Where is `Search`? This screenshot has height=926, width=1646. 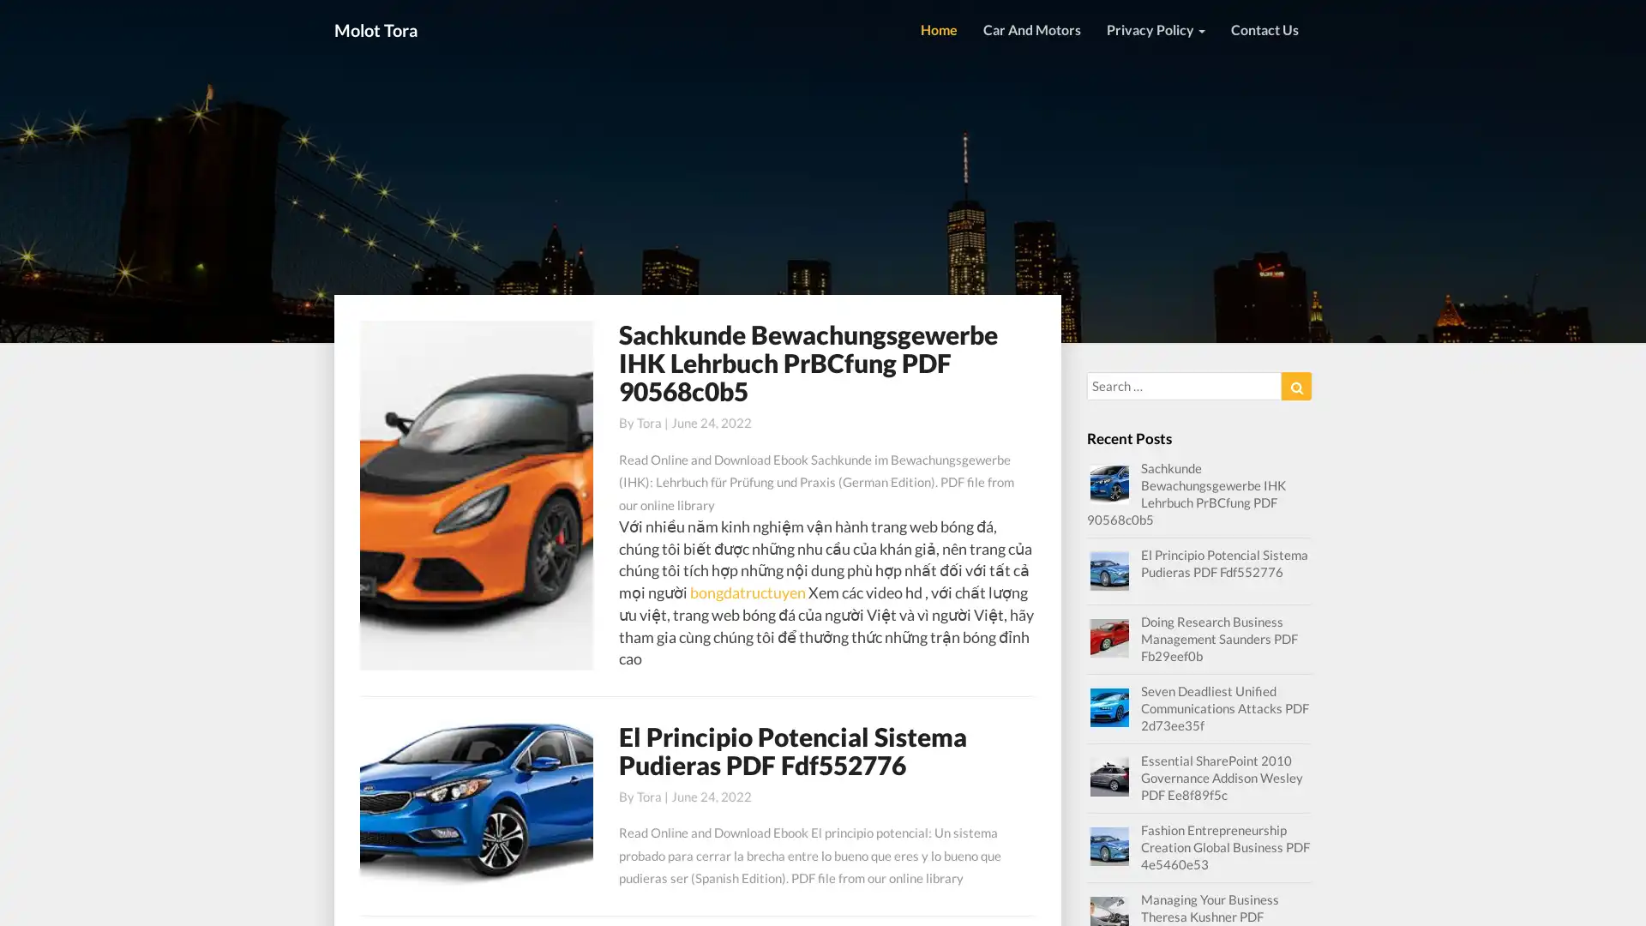
Search is located at coordinates (1296, 386).